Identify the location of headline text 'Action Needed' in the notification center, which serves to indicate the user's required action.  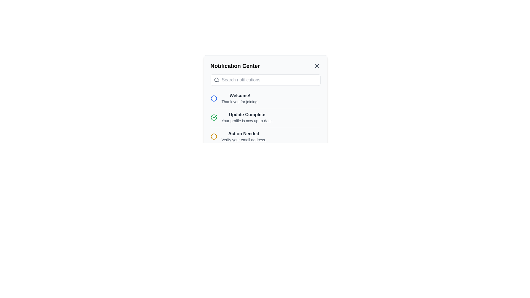
(243, 134).